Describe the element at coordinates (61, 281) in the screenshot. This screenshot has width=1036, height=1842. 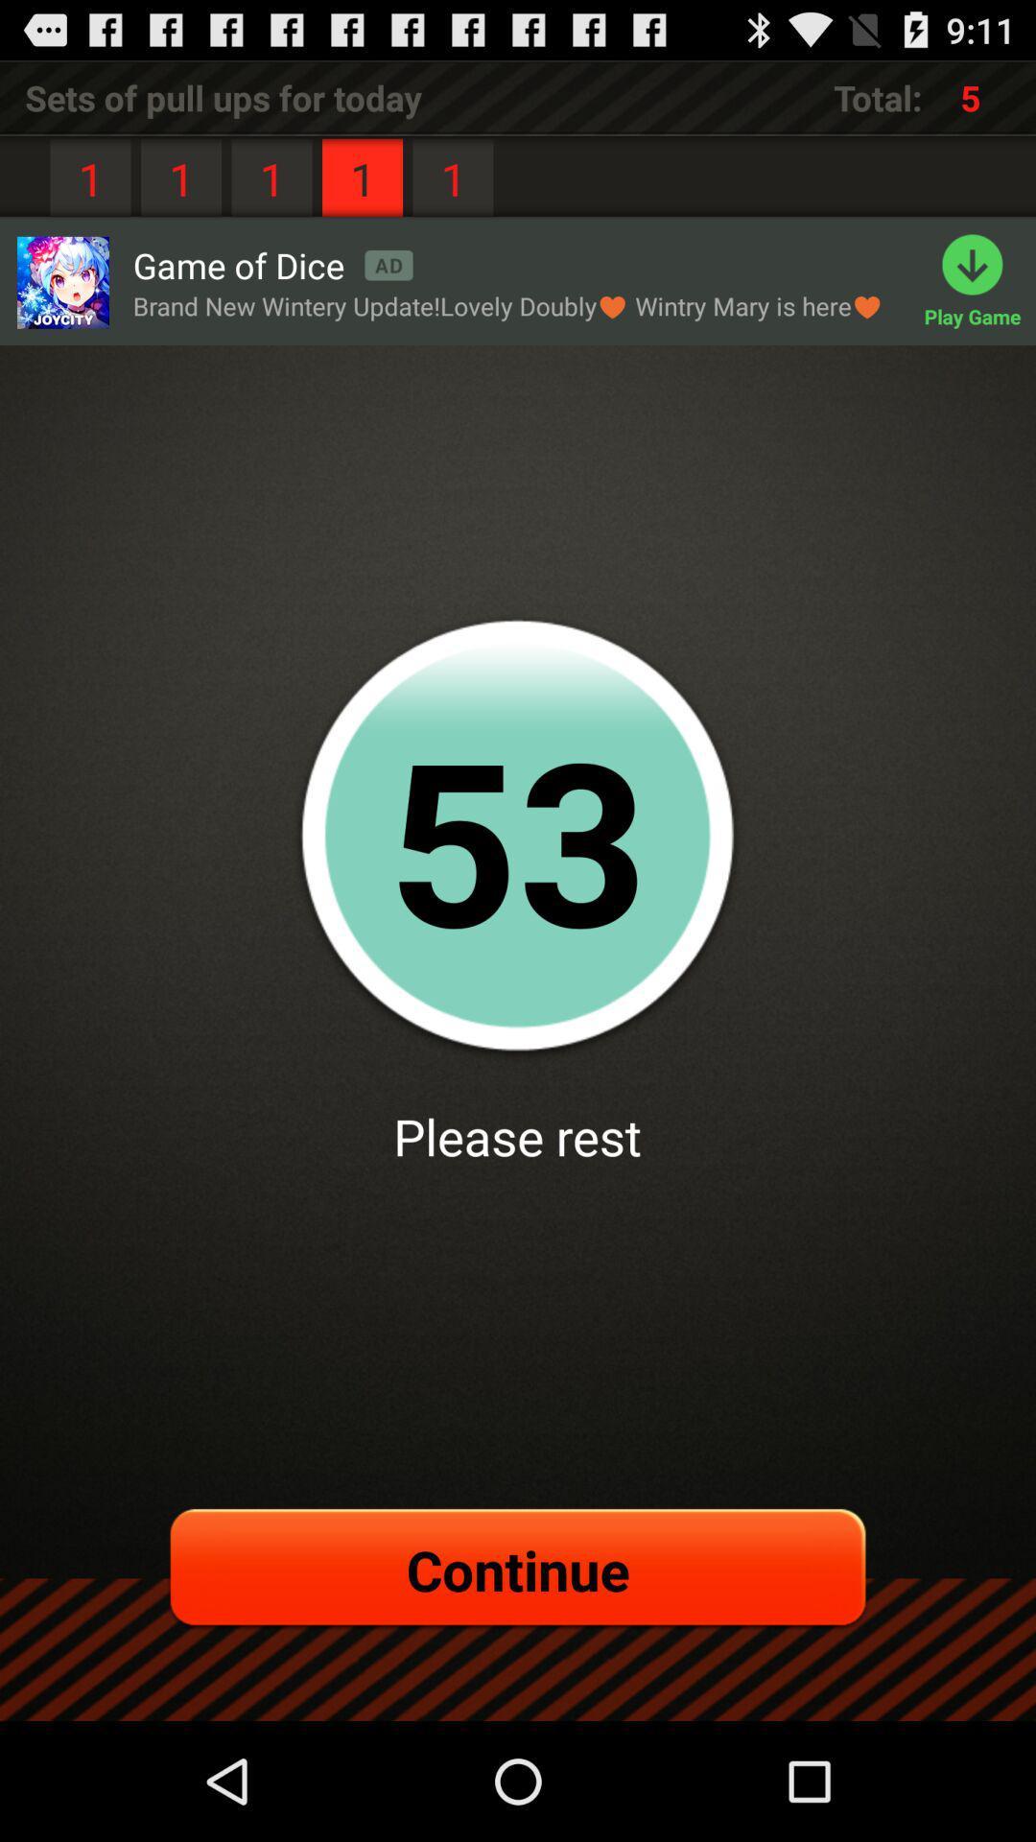
I see `advertising link that go to a different app` at that location.